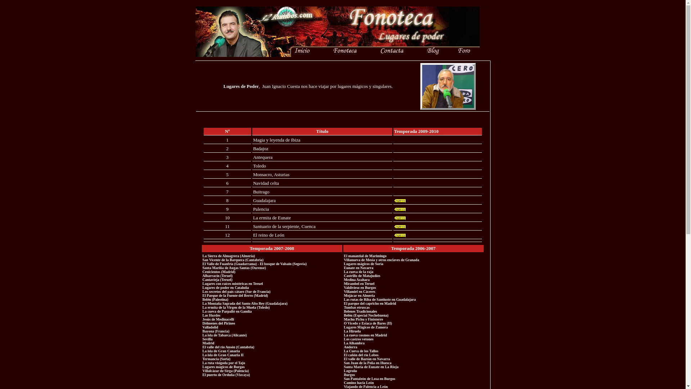 Image resolution: width=691 pixels, height=389 pixels. What do you see at coordinates (357, 307) in the screenshot?
I see `'Tumbas etruscas'` at bounding box center [357, 307].